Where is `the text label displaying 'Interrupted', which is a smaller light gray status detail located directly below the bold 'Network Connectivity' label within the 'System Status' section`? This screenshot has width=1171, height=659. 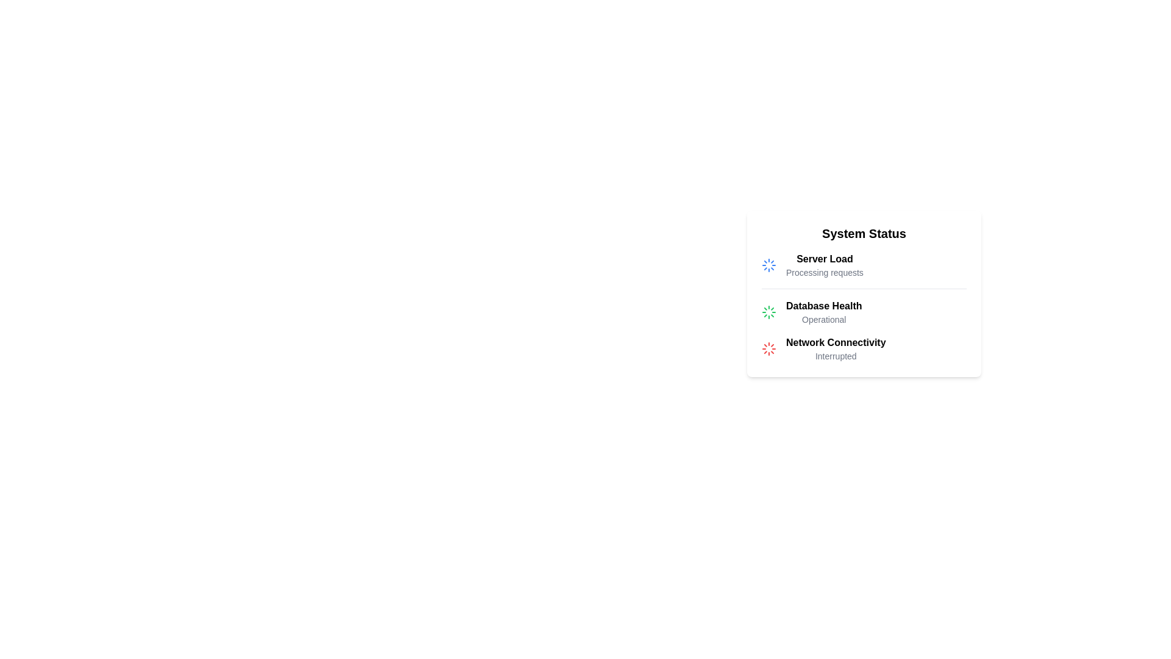
the text label displaying 'Interrupted', which is a smaller light gray status detail located directly below the bold 'Network Connectivity' label within the 'System Status' section is located at coordinates (835, 356).